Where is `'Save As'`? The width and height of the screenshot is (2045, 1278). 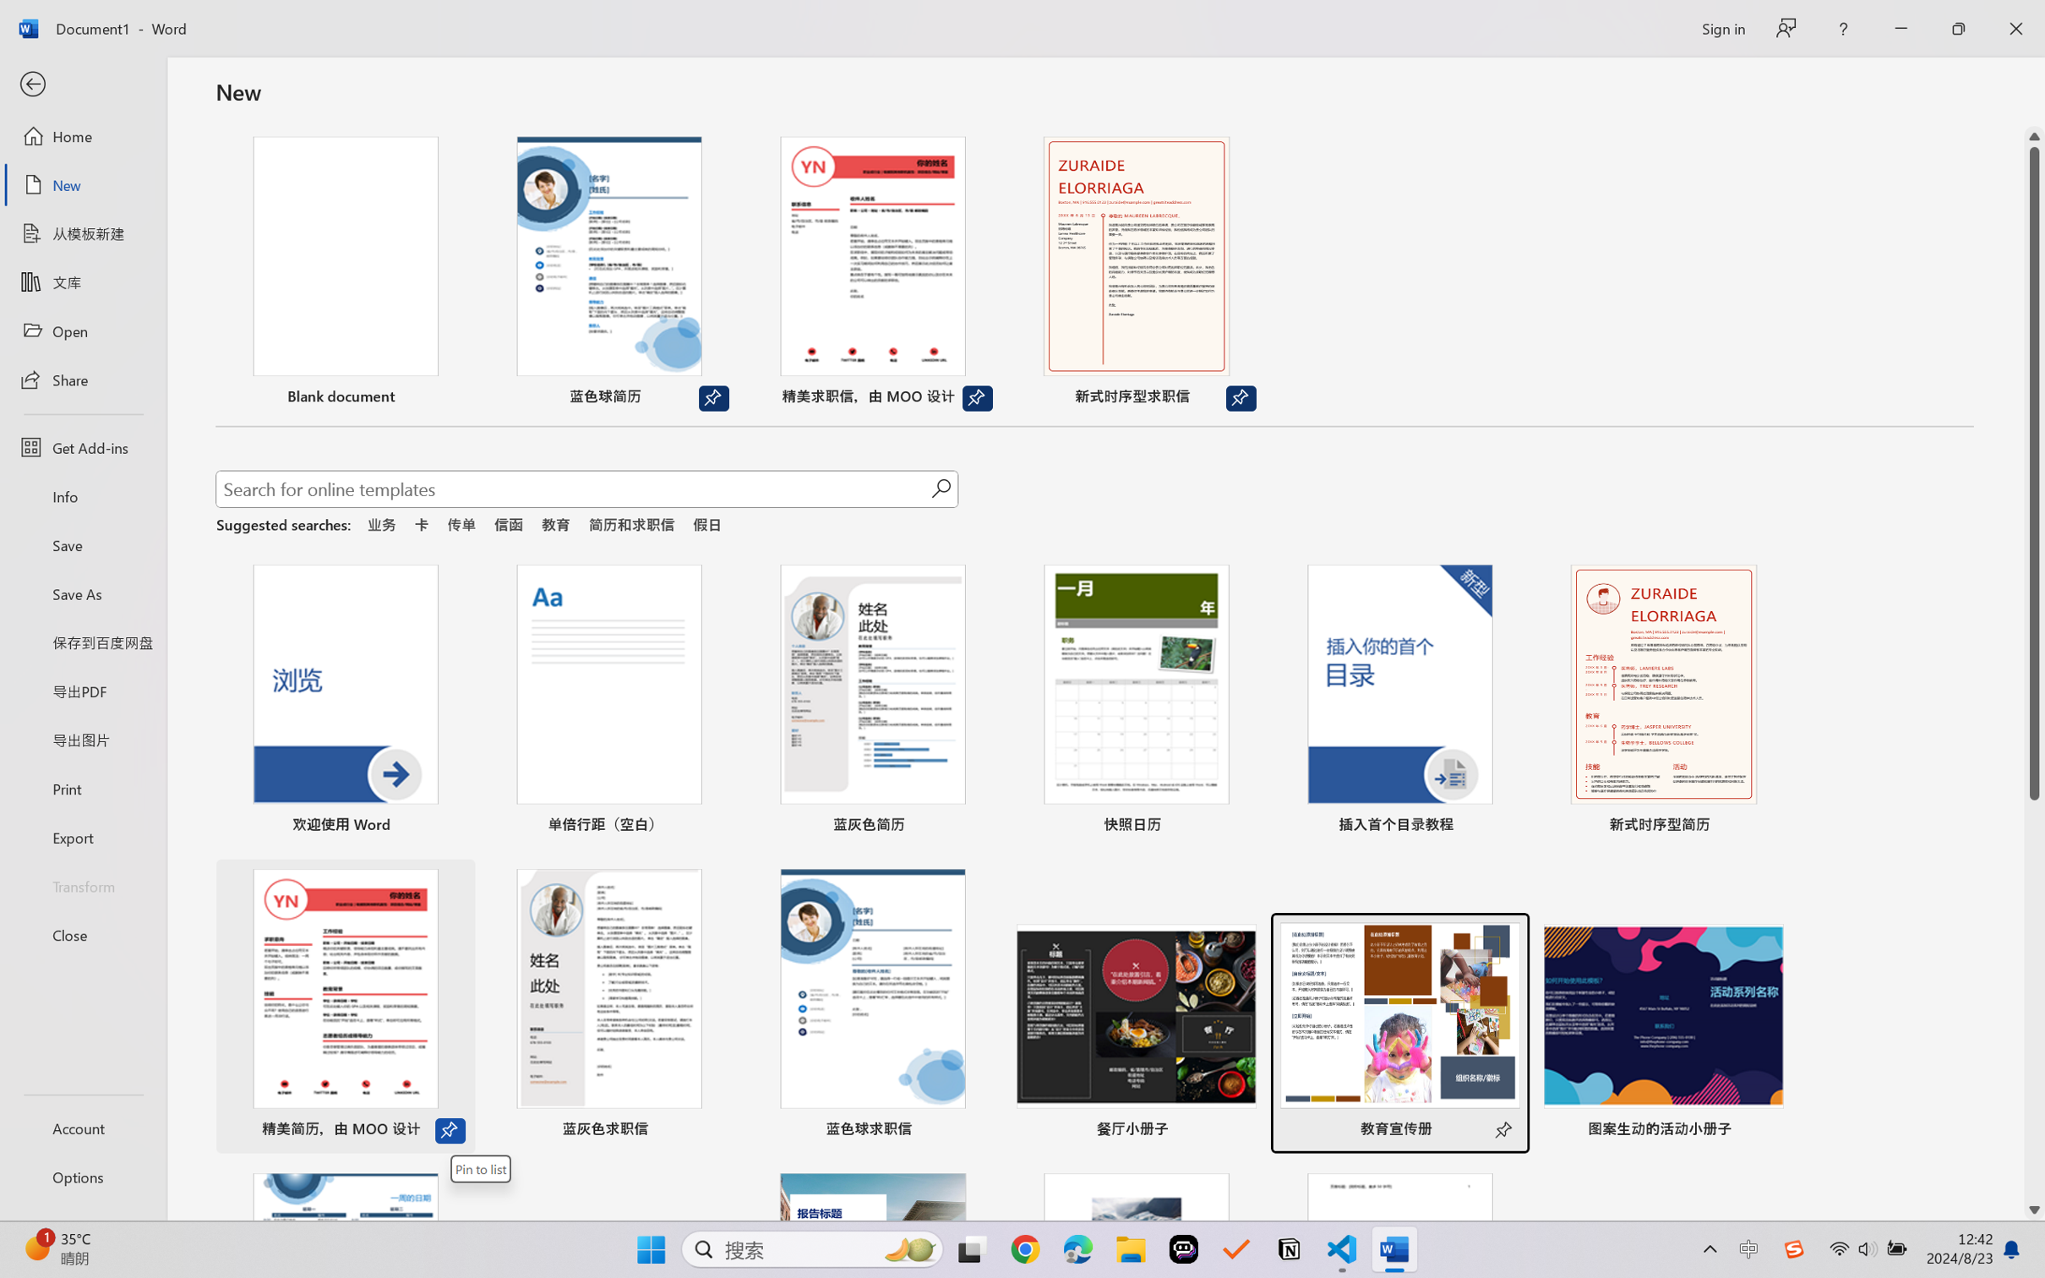
'Save As' is located at coordinates (82, 593).